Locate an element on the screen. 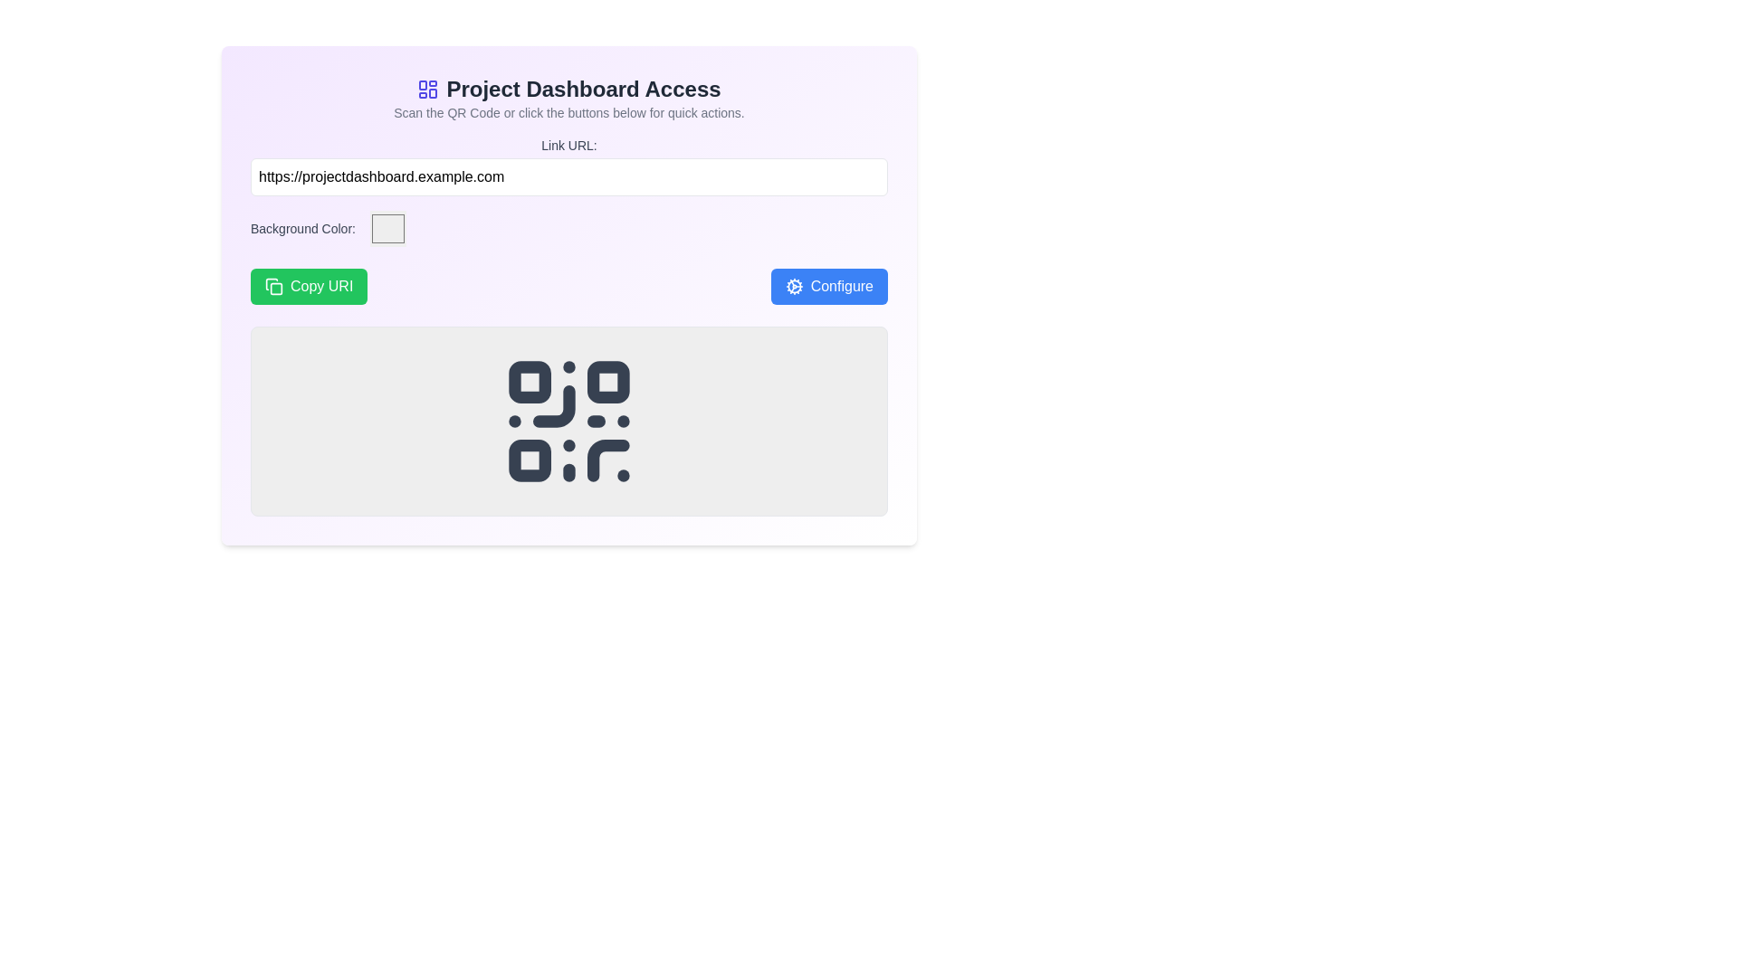 The height and width of the screenshot is (977, 1738). the cogwheel-shaped icon representing settings, located to the left of the text label within the 'Configure' button in the upper-right portion of the interface is located at coordinates (794, 285).